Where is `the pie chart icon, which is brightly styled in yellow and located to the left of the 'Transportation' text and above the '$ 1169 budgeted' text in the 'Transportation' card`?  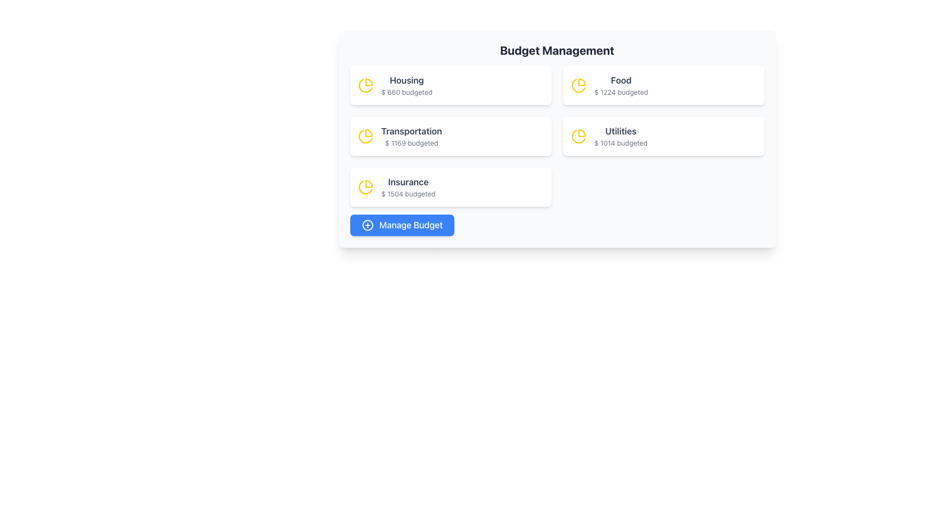
the pie chart icon, which is brightly styled in yellow and located to the left of the 'Transportation' text and above the '$ 1169 budgeted' text in the 'Transportation' card is located at coordinates (365, 136).